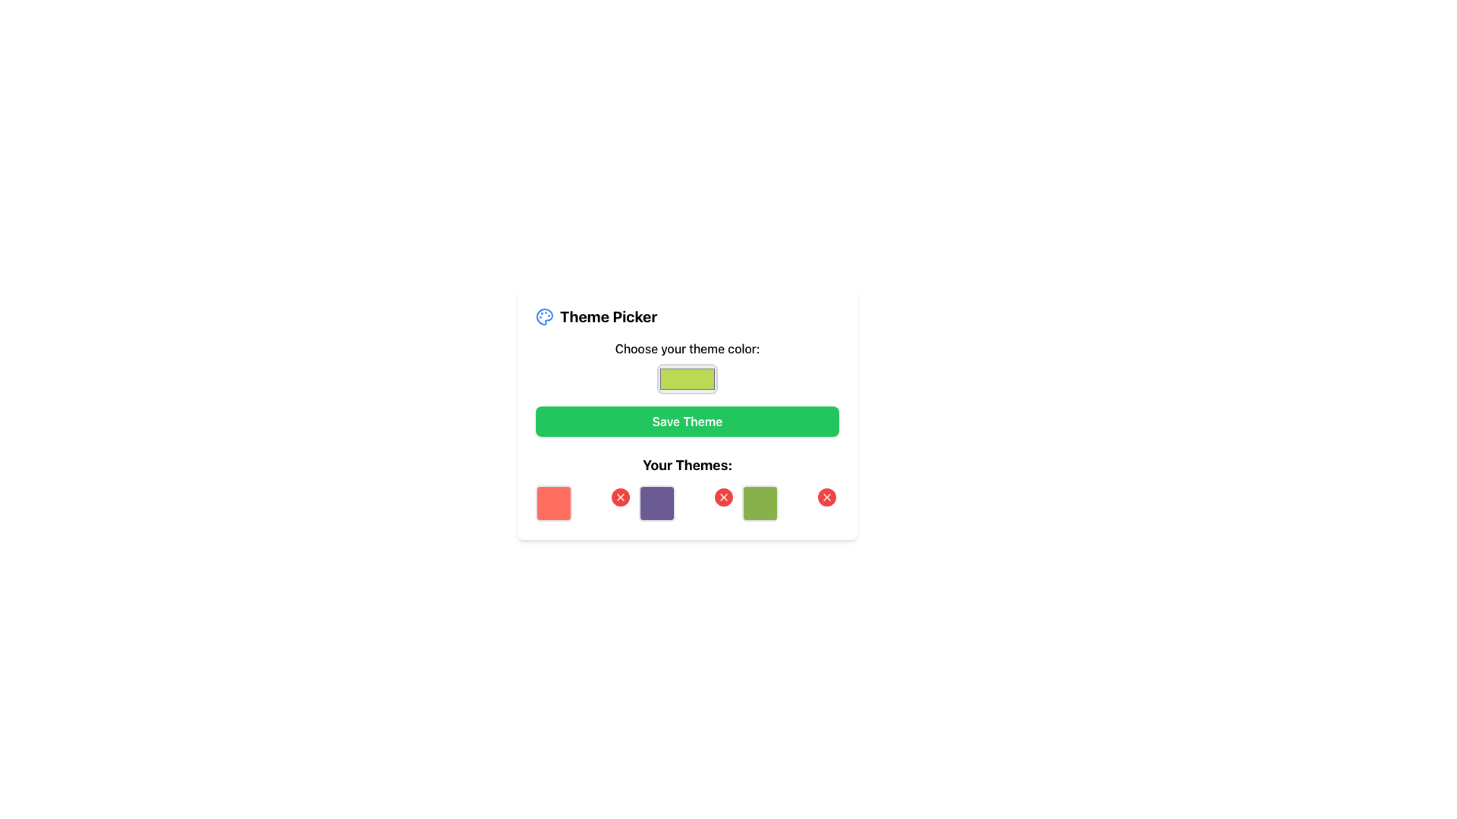 Image resolution: width=1457 pixels, height=819 pixels. What do you see at coordinates (687, 464) in the screenshot?
I see `the text label that reads 'Your Themes:', which is styled with bold and large fonts, and is located above a grid of color blocks` at bounding box center [687, 464].